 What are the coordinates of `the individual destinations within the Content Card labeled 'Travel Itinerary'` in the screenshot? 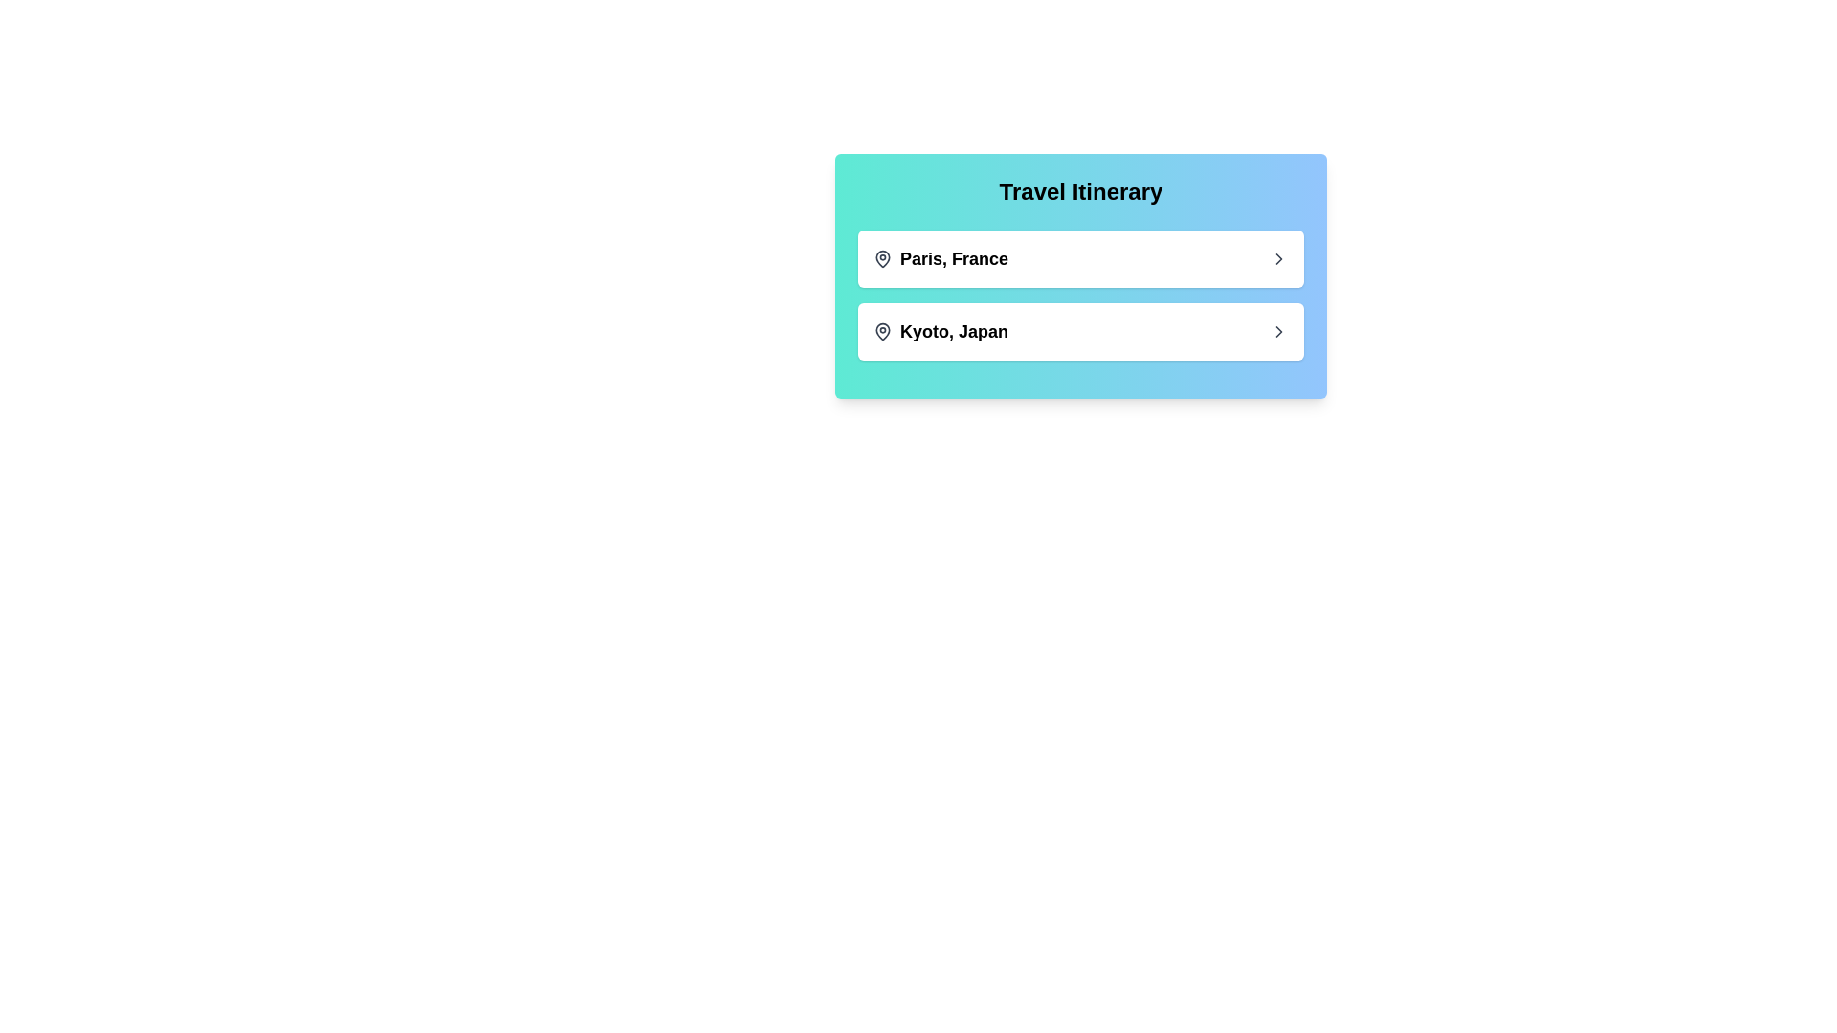 It's located at (1080, 276).